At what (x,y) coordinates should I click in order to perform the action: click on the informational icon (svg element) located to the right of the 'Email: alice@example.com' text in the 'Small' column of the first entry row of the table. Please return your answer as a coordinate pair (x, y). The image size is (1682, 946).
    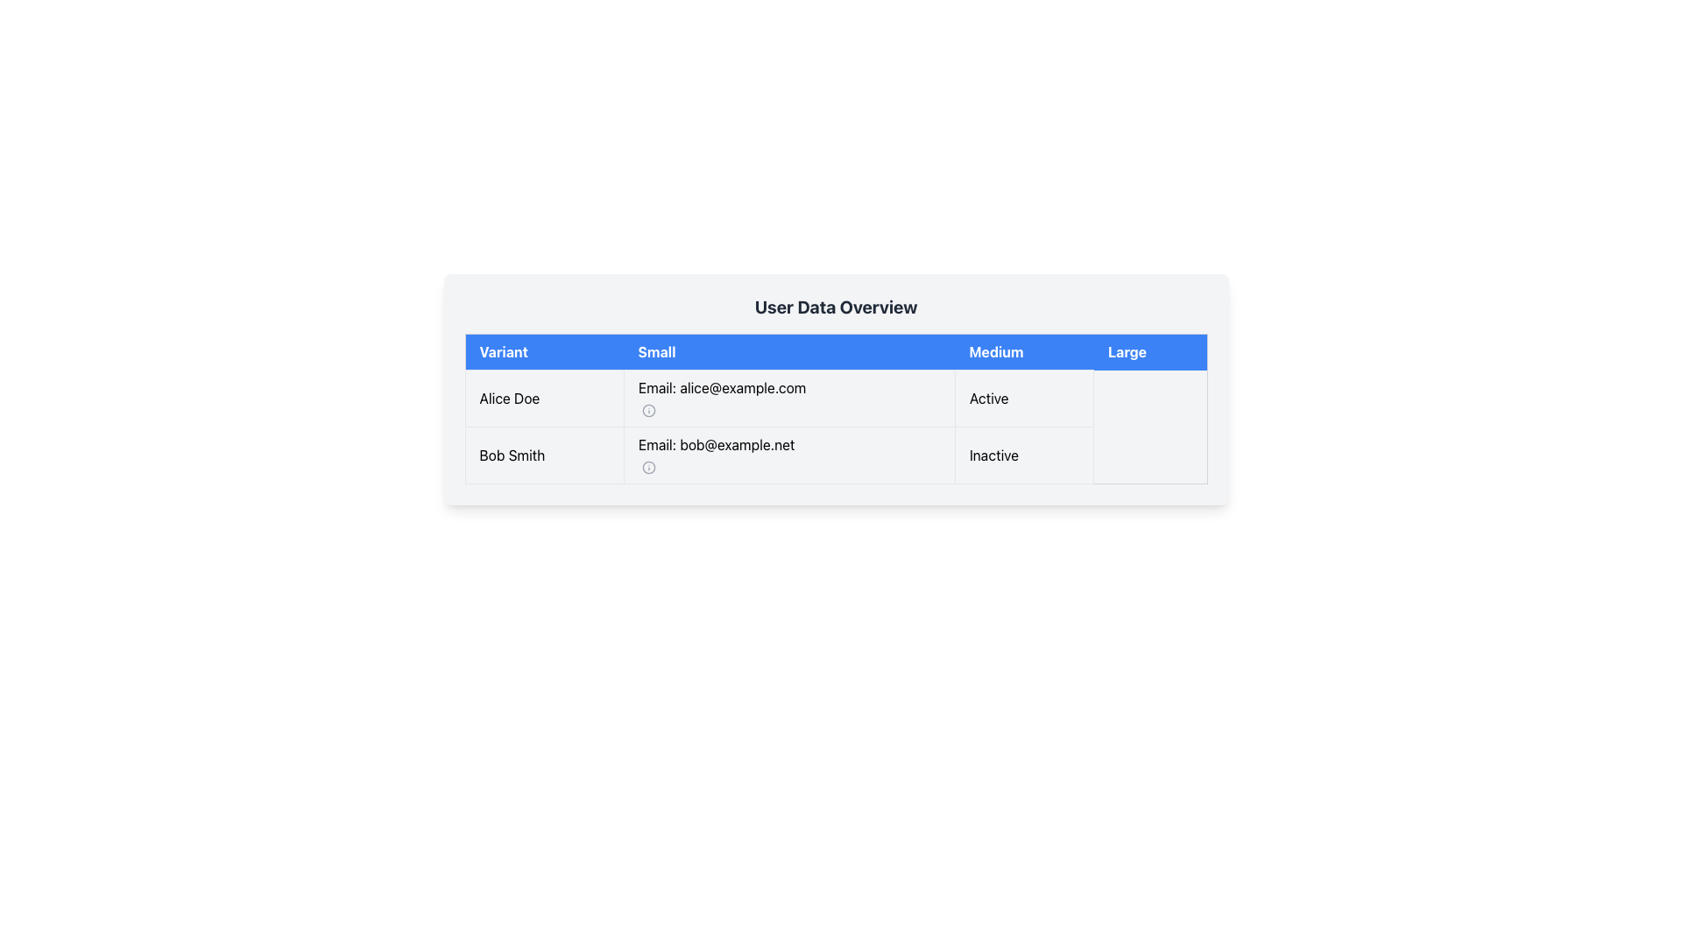
    Looking at the image, I should click on (647, 409).